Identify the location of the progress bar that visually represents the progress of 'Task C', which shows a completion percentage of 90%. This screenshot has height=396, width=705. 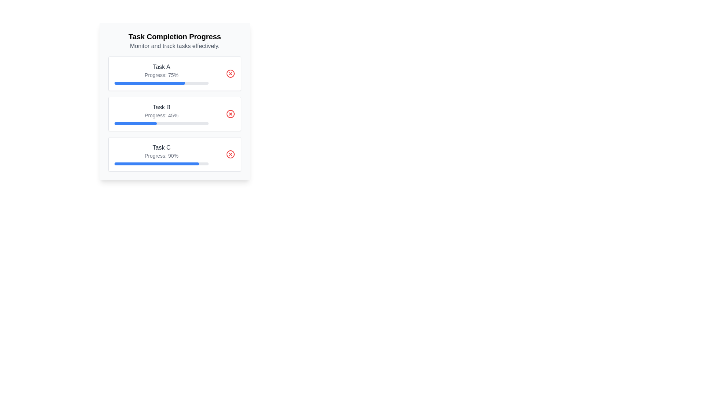
(161, 164).